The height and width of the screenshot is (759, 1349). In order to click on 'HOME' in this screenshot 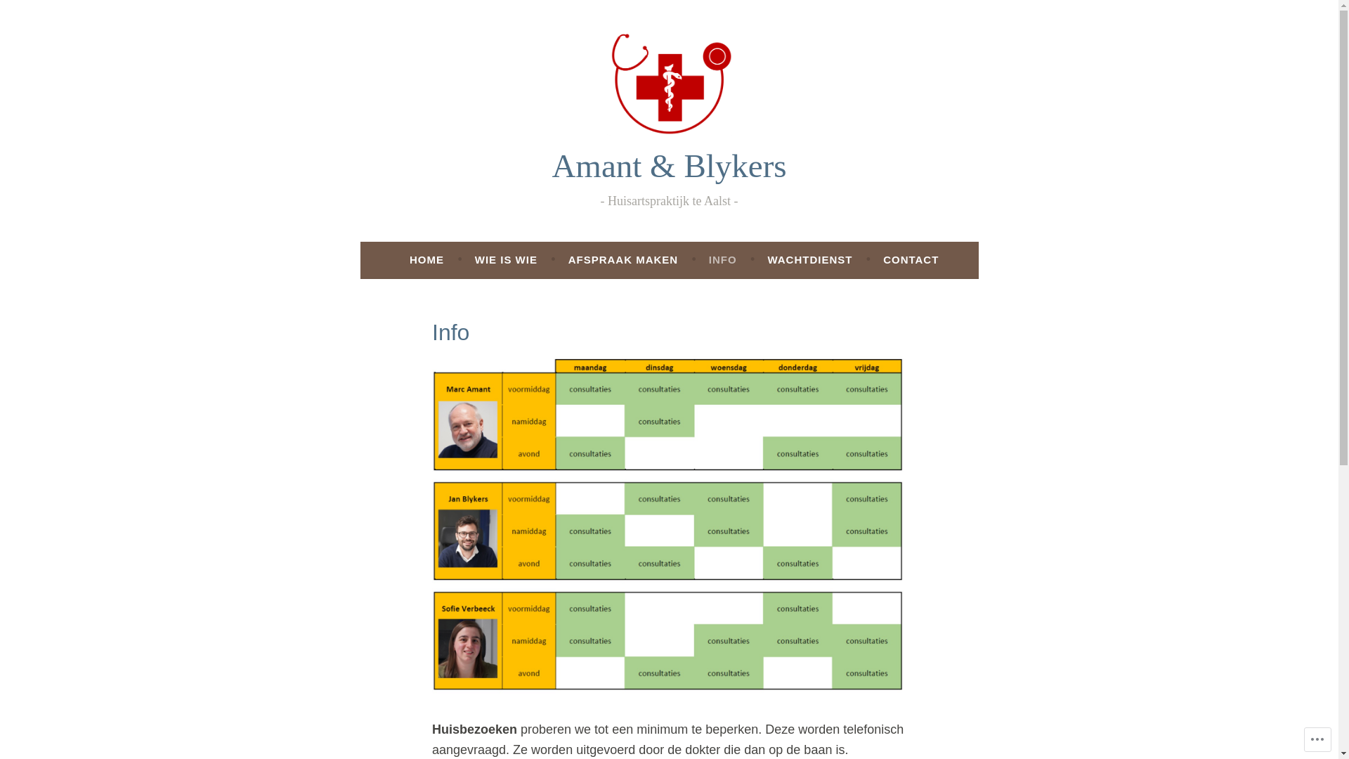, I will do `click(426, 260)`.